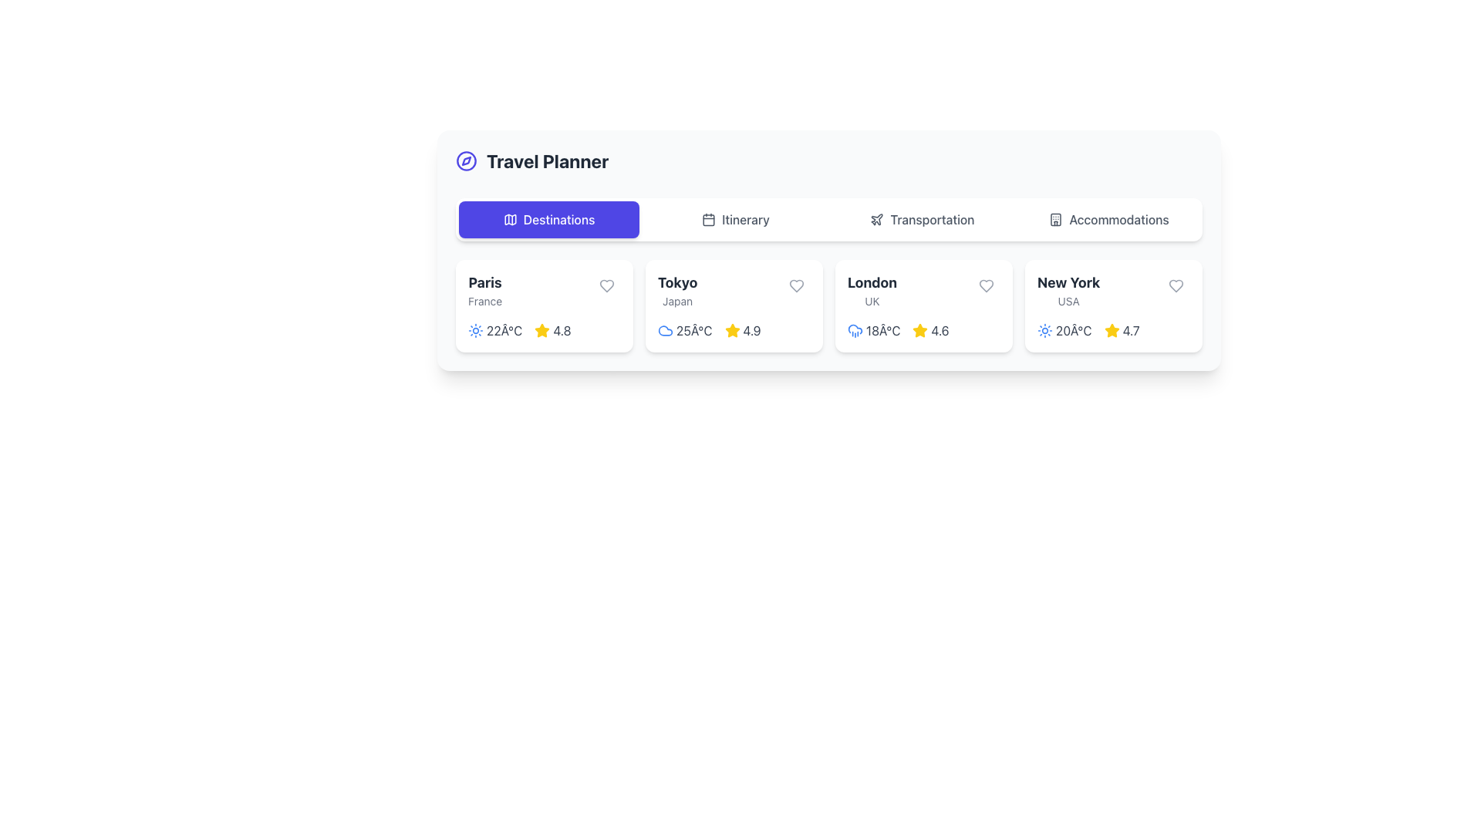 Image resolution: width=1481 pixels, height=833 pixels. I want to click on the yellow star-shaped rating icon next to the text '4.7' in the New York, USA weather card, so click(1112, 329).